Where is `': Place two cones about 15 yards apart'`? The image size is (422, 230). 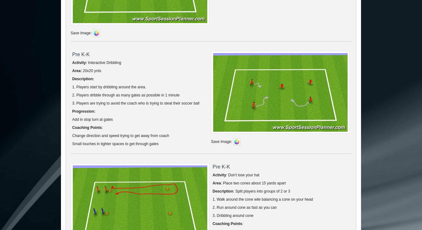
': Place two cones about 15 yards apart' is located at coordinates (253, 183).